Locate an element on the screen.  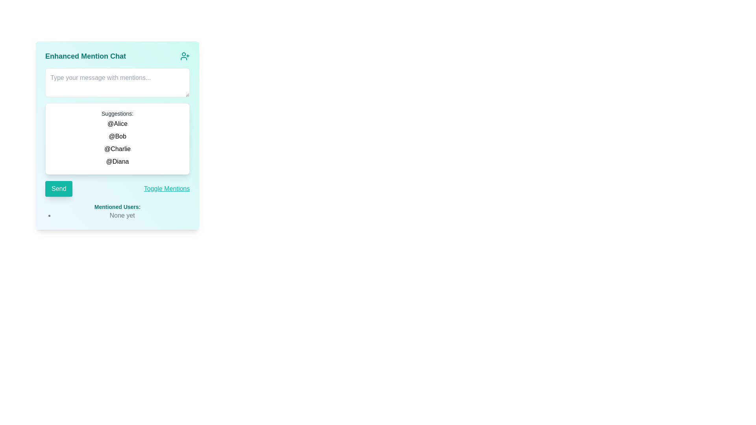
the text label 'Suggestions:' which is styled with a medium-size gray font and serves as a header for the items below it is located at coordinates (117, 114).